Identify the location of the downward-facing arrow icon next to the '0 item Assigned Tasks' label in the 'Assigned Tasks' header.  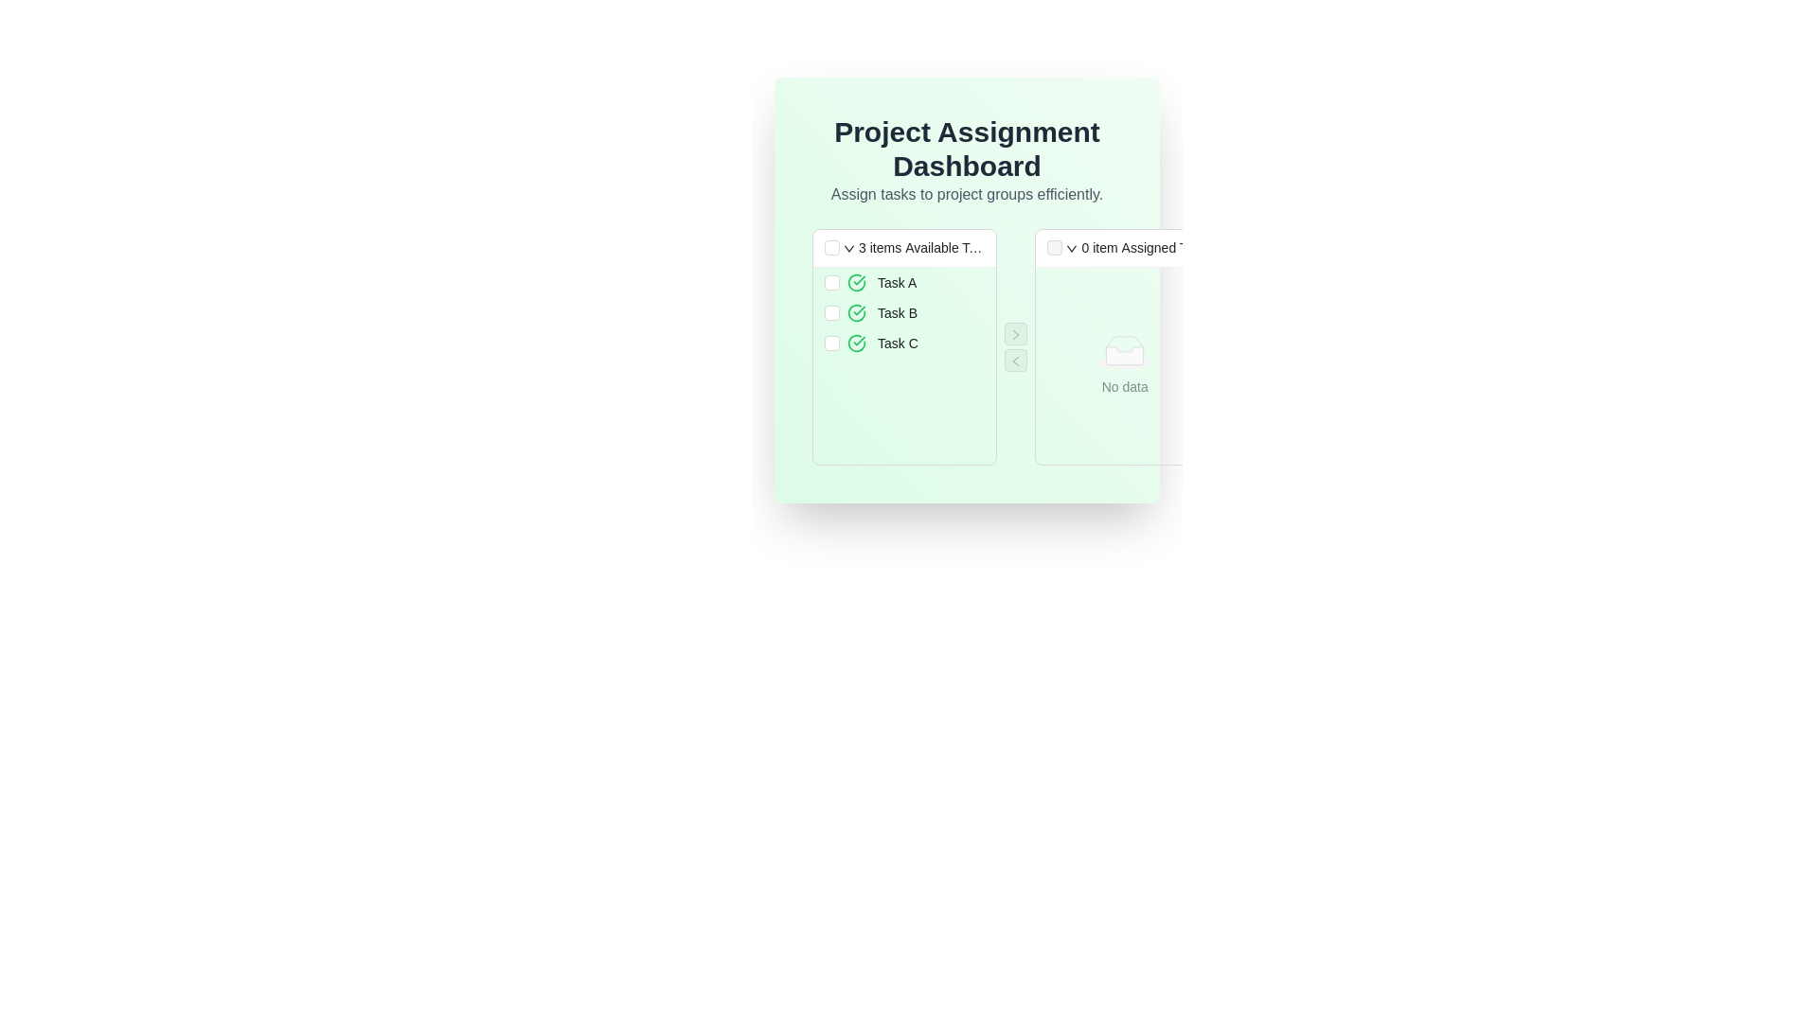
(1072, 248).